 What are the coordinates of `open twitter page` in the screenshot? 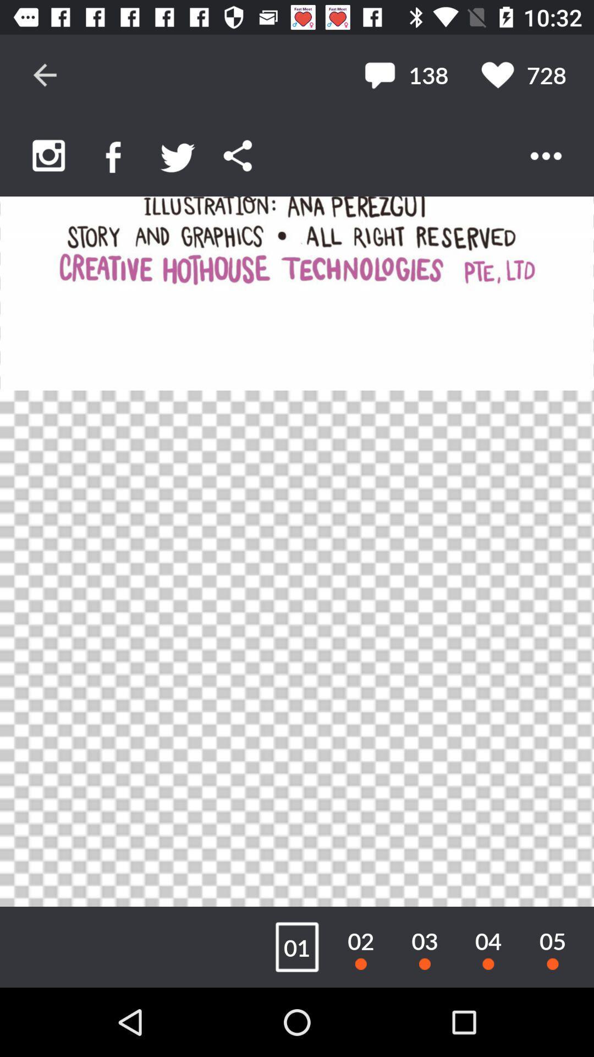 It's located at (177, 155).